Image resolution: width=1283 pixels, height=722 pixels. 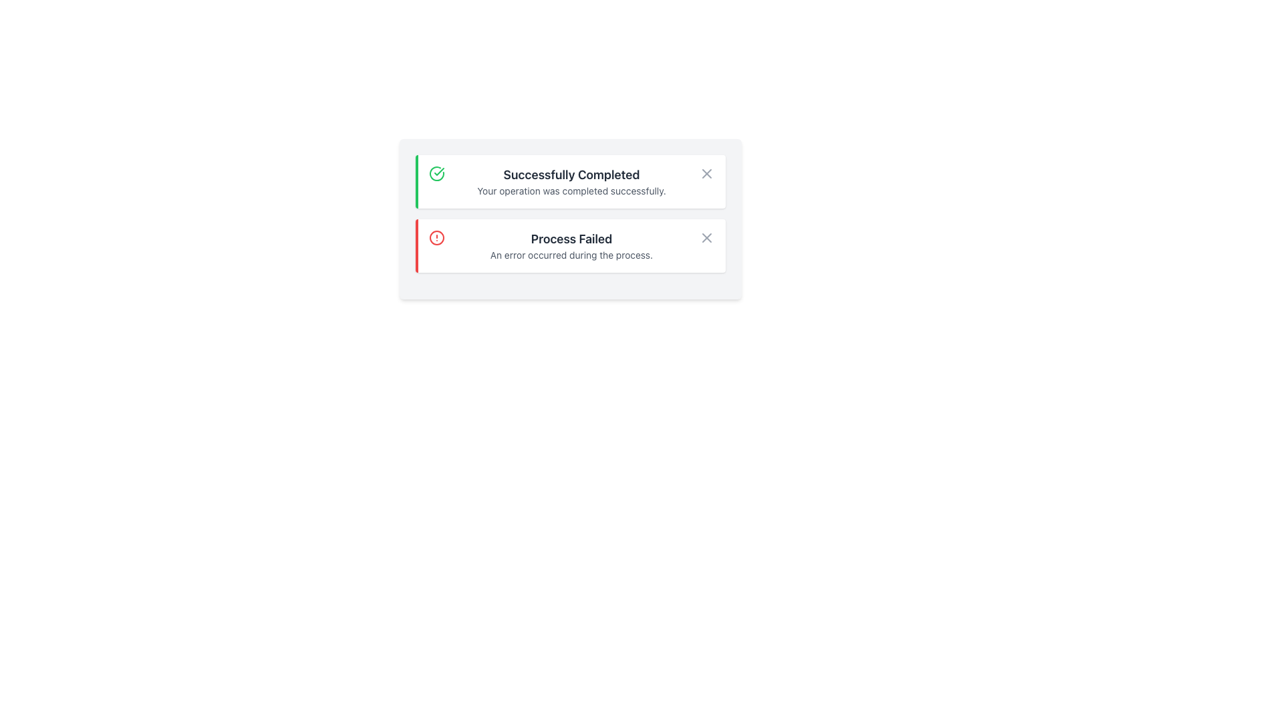 What do you see at coordinates (436, 172) in the screenshot?
I see `the success indicator icon located at the far left of the notification component, which signals the successful completion of an operation` at bounding box center [436, 172].